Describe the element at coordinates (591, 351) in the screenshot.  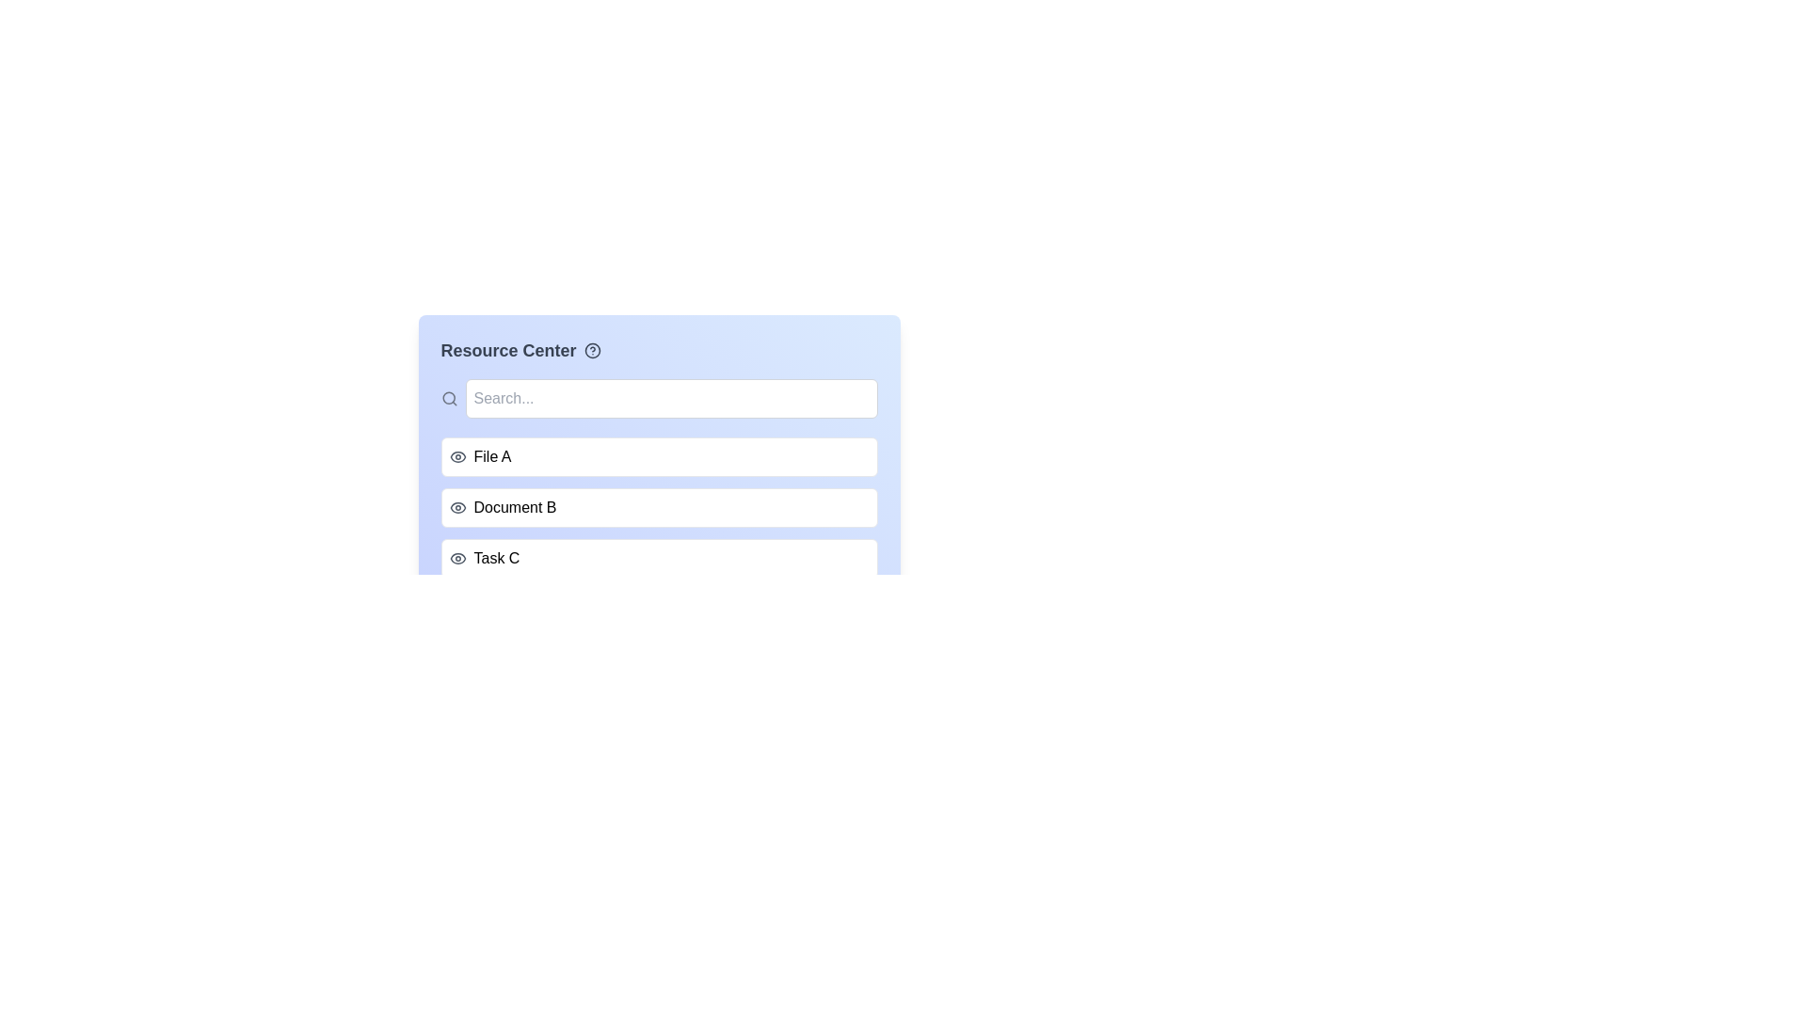
I see `the help icon located to the right of the 'Resource Center' heading` at that location.